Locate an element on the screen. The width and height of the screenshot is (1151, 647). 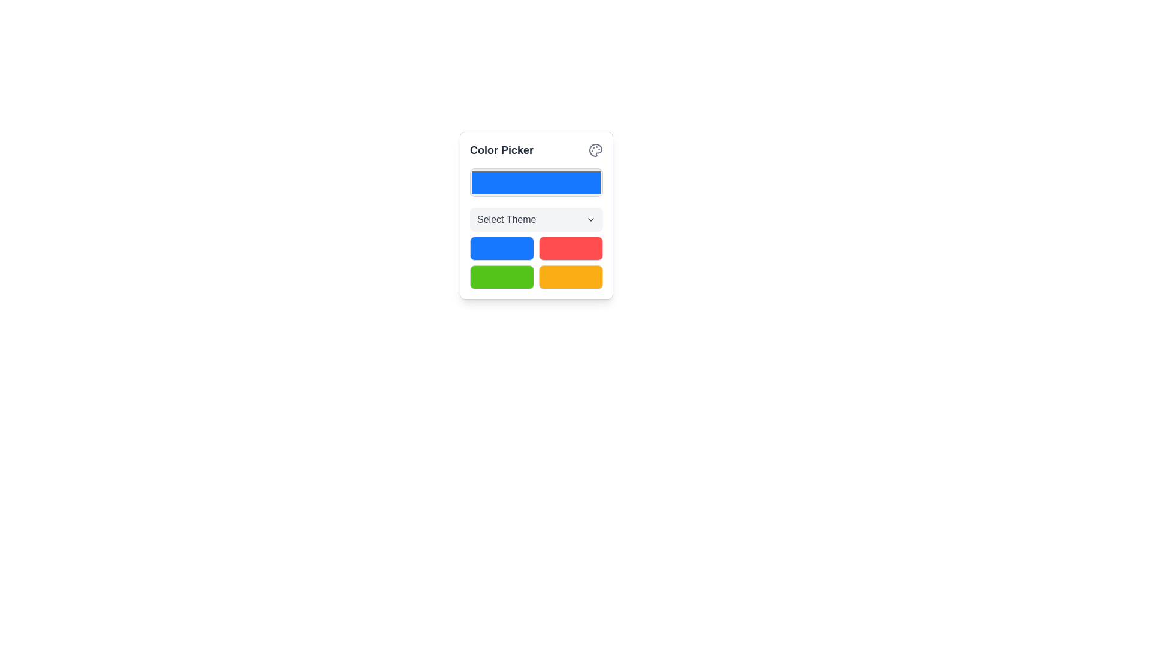
the green-themed button located in the bottom-left position of a 2x2 grid layout, directly below a blue button and to the left of a yellow button is located at coordinates (502, 277).